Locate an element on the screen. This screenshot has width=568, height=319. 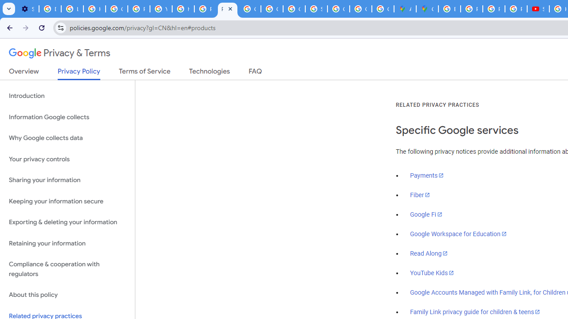
'Privacy Help Center - Policies Help' is located at coordinates (493, 9).